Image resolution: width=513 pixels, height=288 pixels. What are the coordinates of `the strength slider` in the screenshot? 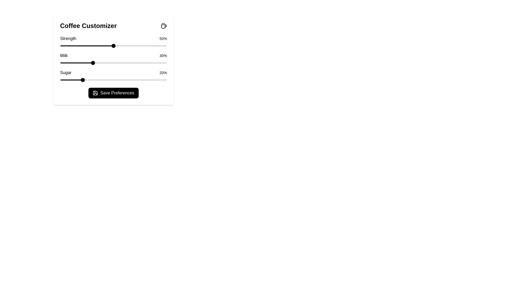 It's located at (145, 46).